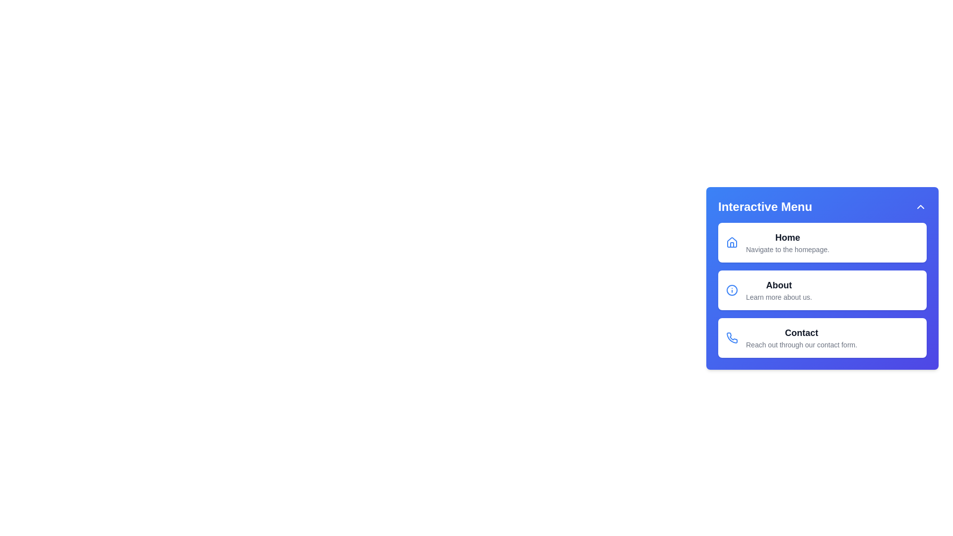  Describe the element at coordinates (822, 290) in the screenshot. I see `the menu item About to navigate` at that location.